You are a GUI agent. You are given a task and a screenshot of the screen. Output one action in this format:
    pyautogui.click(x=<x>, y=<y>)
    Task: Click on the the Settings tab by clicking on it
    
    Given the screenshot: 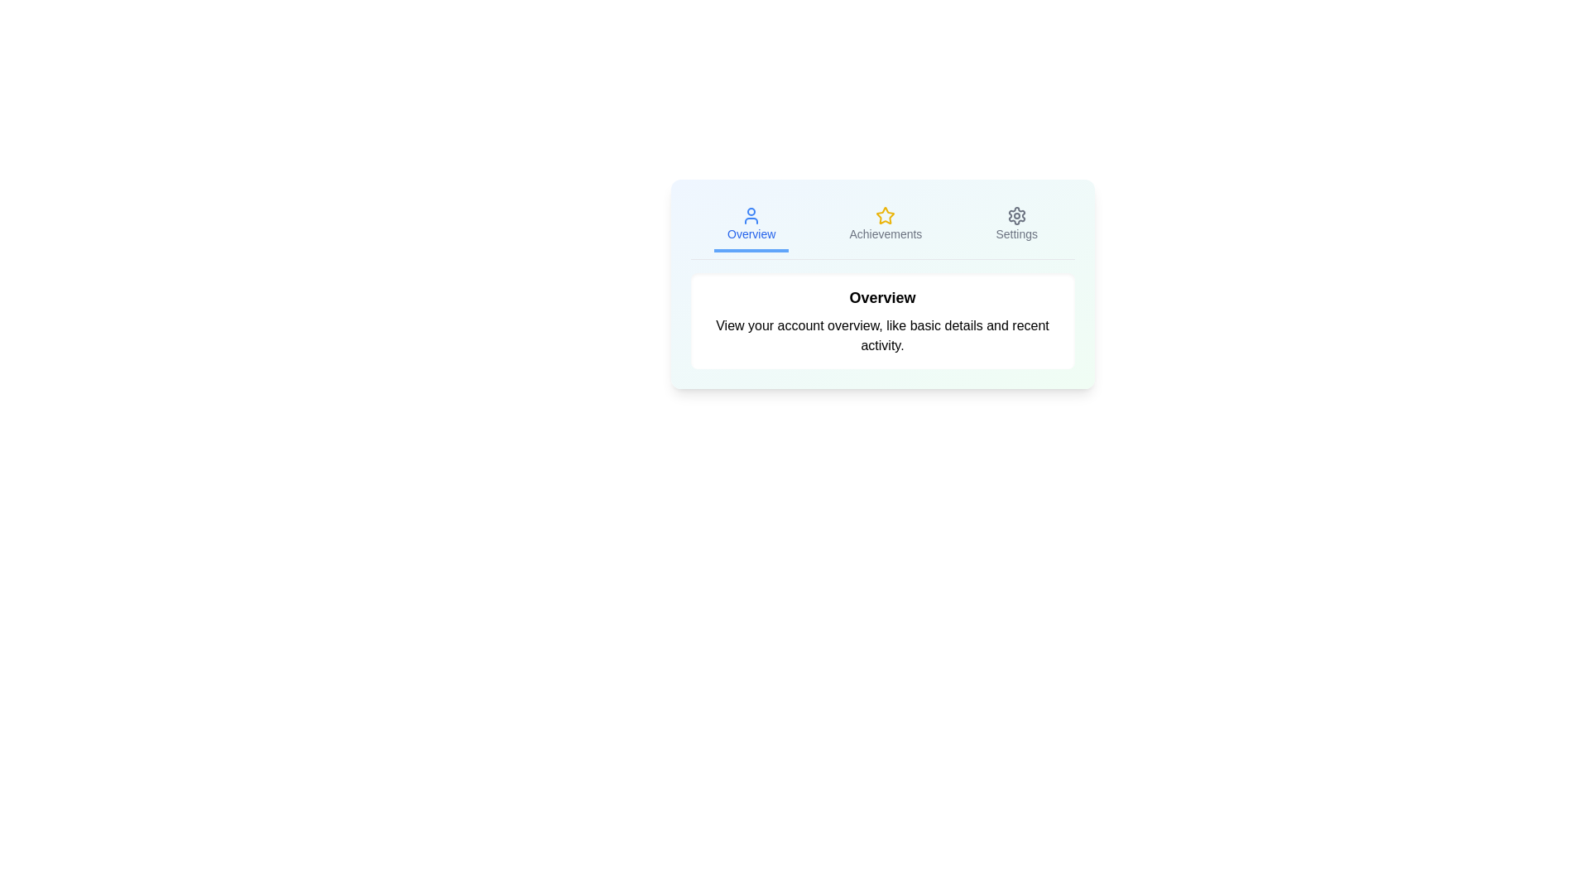 What is the action you would take?
    pyautogui.click(x=1015, y=226)
    